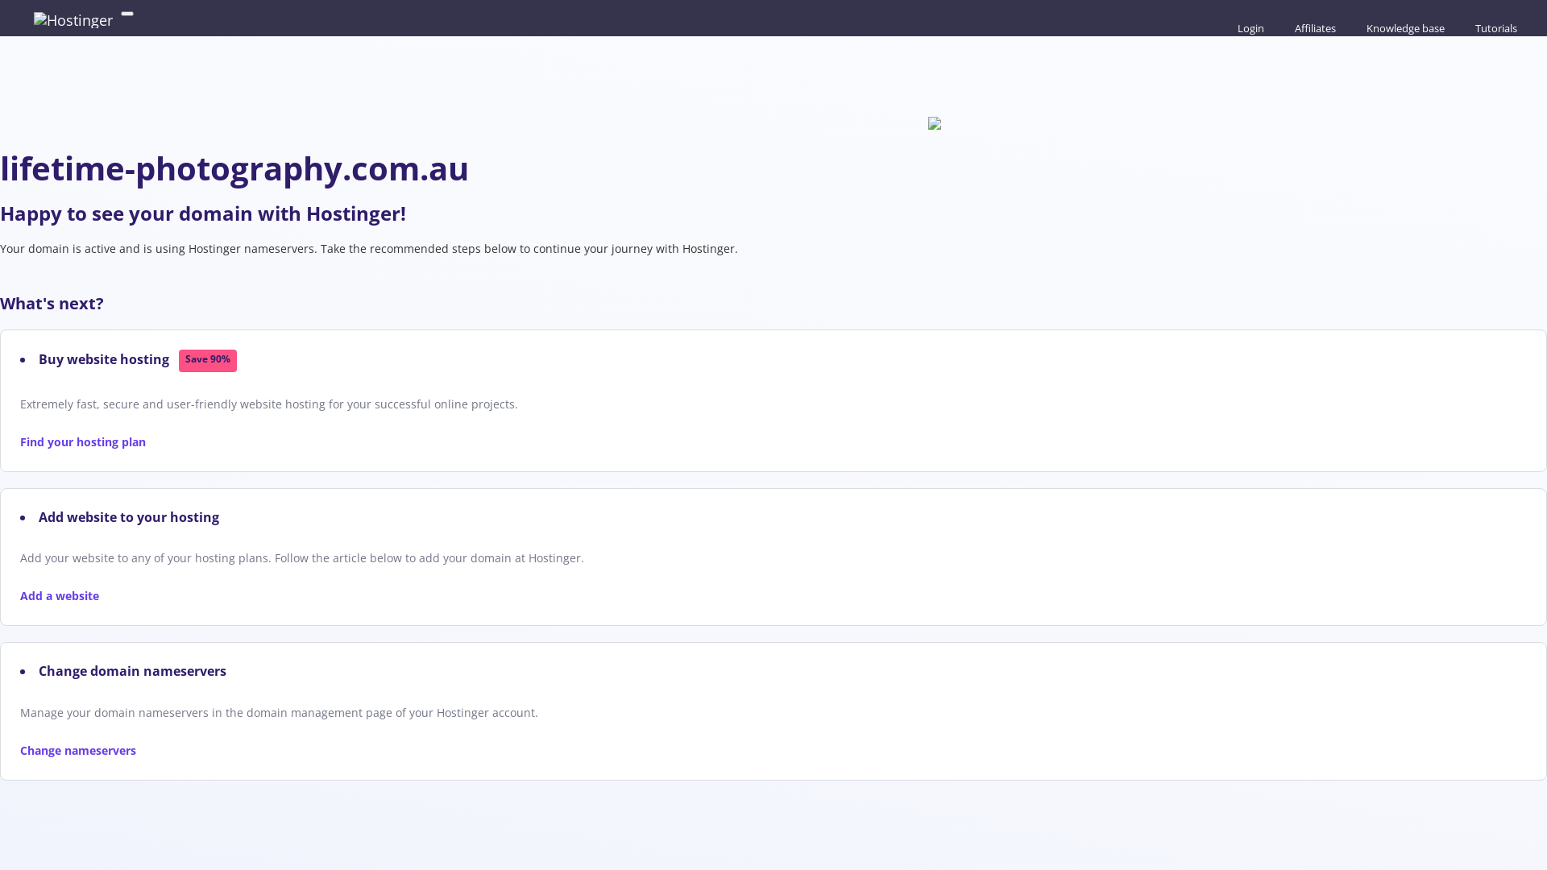 Image resolution: width=1547 pixels, height=870 pixels. Describe the element at coordinates (19, 750) in the screenshot. I see `'Change nameservers'` at that location.